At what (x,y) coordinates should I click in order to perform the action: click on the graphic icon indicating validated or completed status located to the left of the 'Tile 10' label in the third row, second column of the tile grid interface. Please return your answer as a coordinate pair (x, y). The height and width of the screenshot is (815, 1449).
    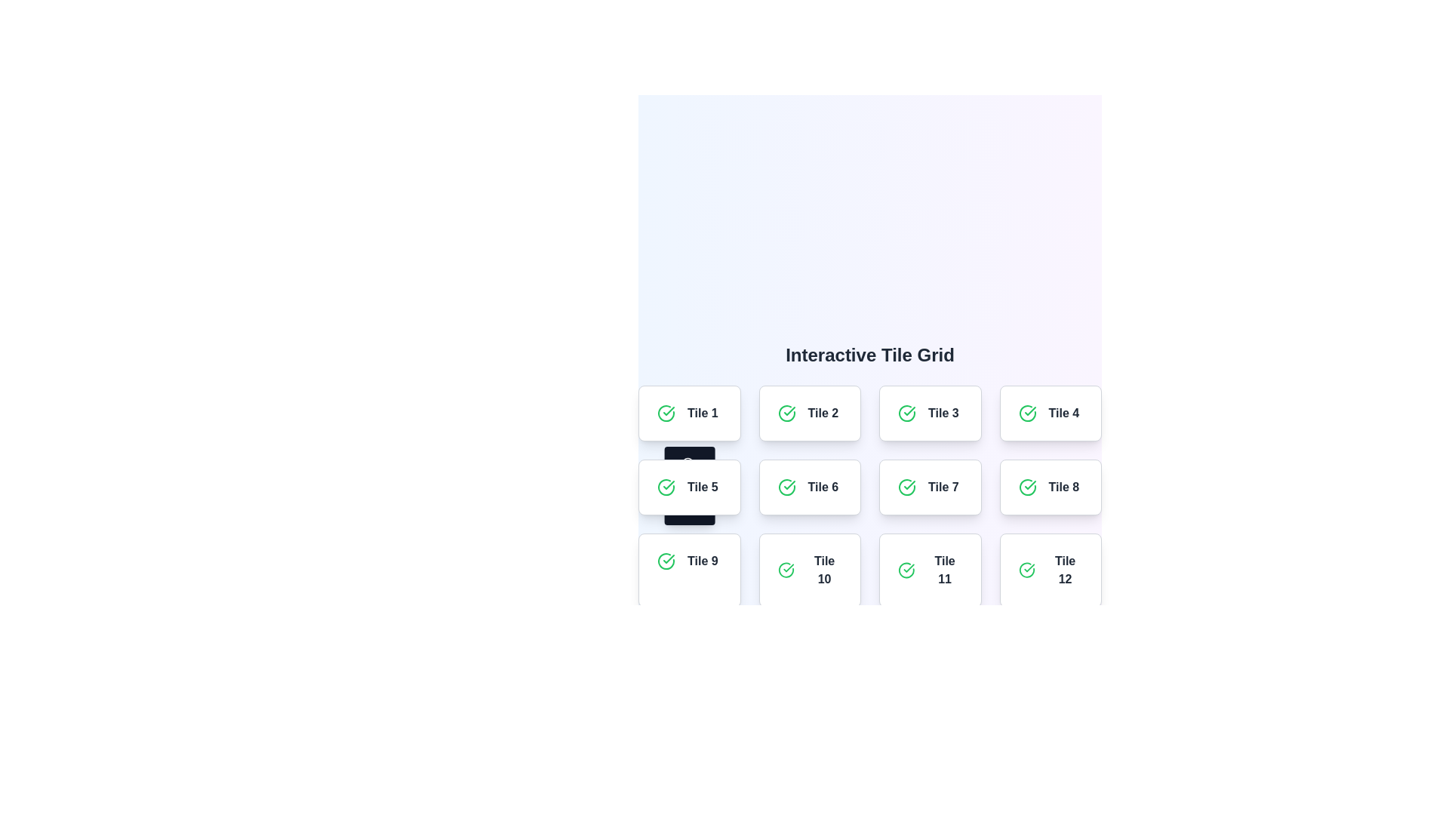
    Looking at the image, I should click on (785, 570).